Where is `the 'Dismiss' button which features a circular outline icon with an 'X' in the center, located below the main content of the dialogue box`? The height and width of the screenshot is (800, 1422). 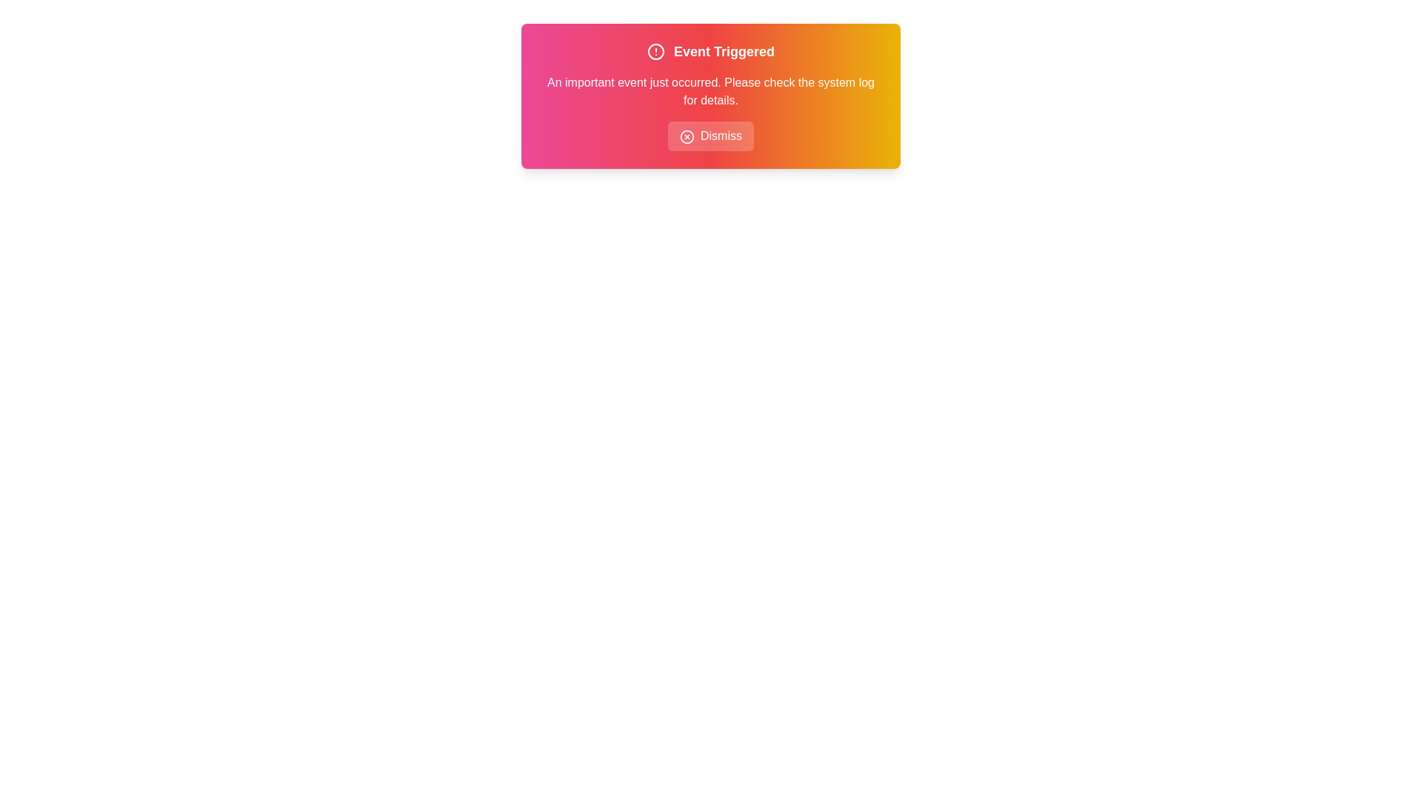 the 'Dismiss' button which features a circular outline icon with an 'X' in the center, located below the main content of the dialogue box is located at coordinates (686, 136).